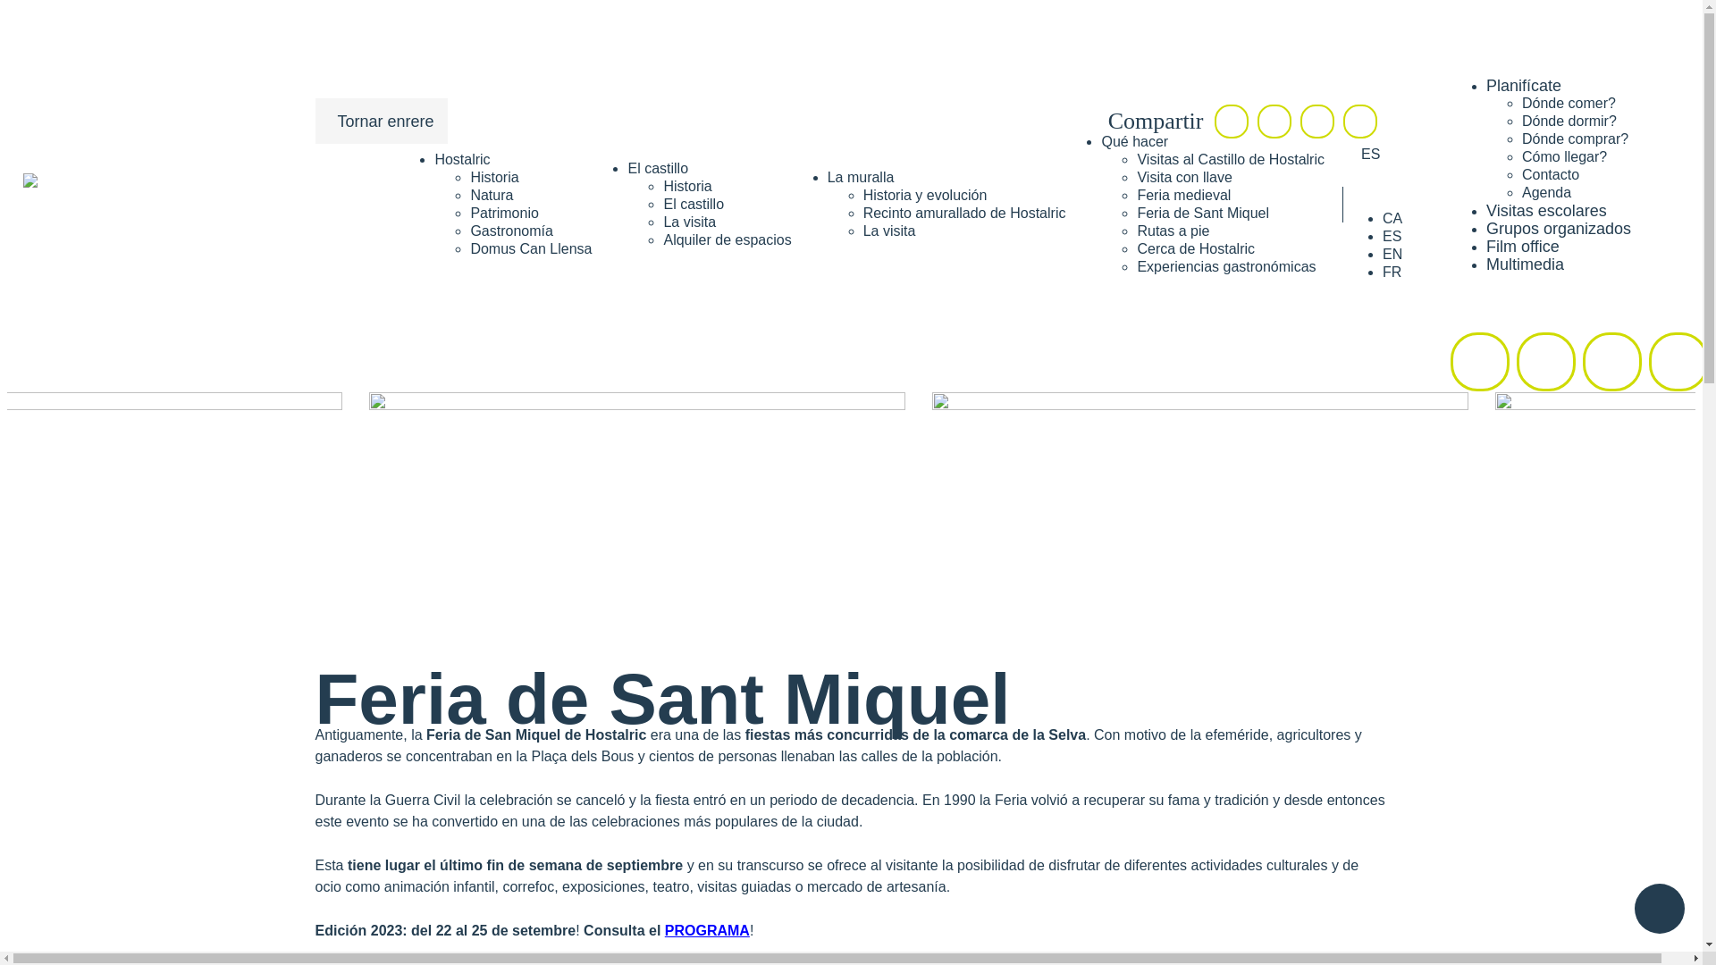  Describe the element at coordinates (492, 195) in the screenshot. I see `'Natura'` at that location.